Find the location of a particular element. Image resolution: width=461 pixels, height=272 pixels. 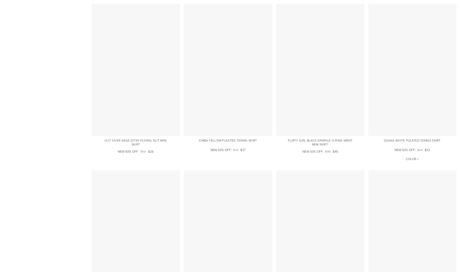

'$64' is located at coordinates (420, 150).